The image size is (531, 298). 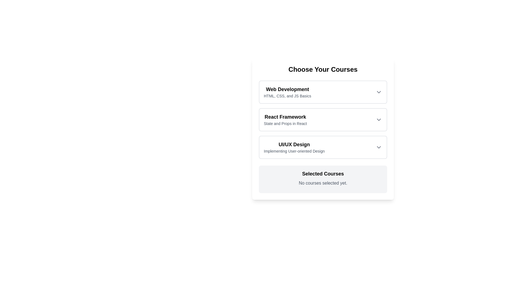 What do you see at coordinates (378, 147) in the screenshot?
I see `the Dropdown trigger icon for the 'UI/UX Design' item` at bounding box center [378, 147].